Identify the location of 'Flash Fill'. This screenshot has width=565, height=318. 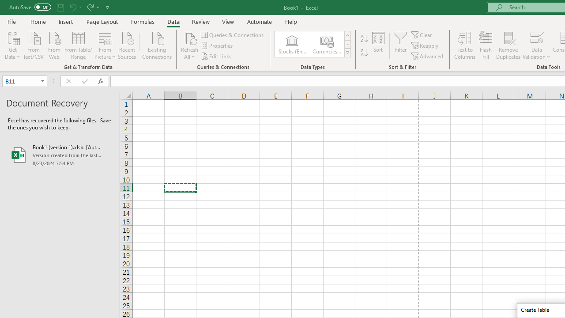
(486, 45).